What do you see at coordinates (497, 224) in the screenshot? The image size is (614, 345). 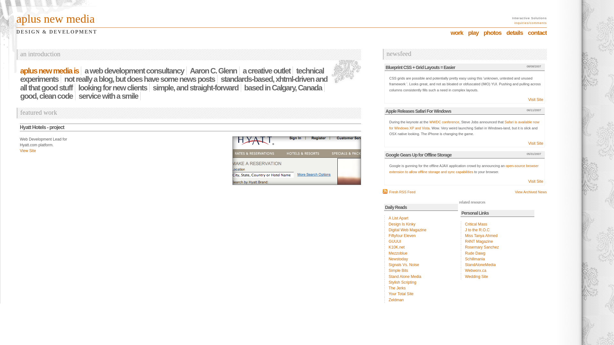 I see `'Critical Mass'` at bounding box center [497, 224].